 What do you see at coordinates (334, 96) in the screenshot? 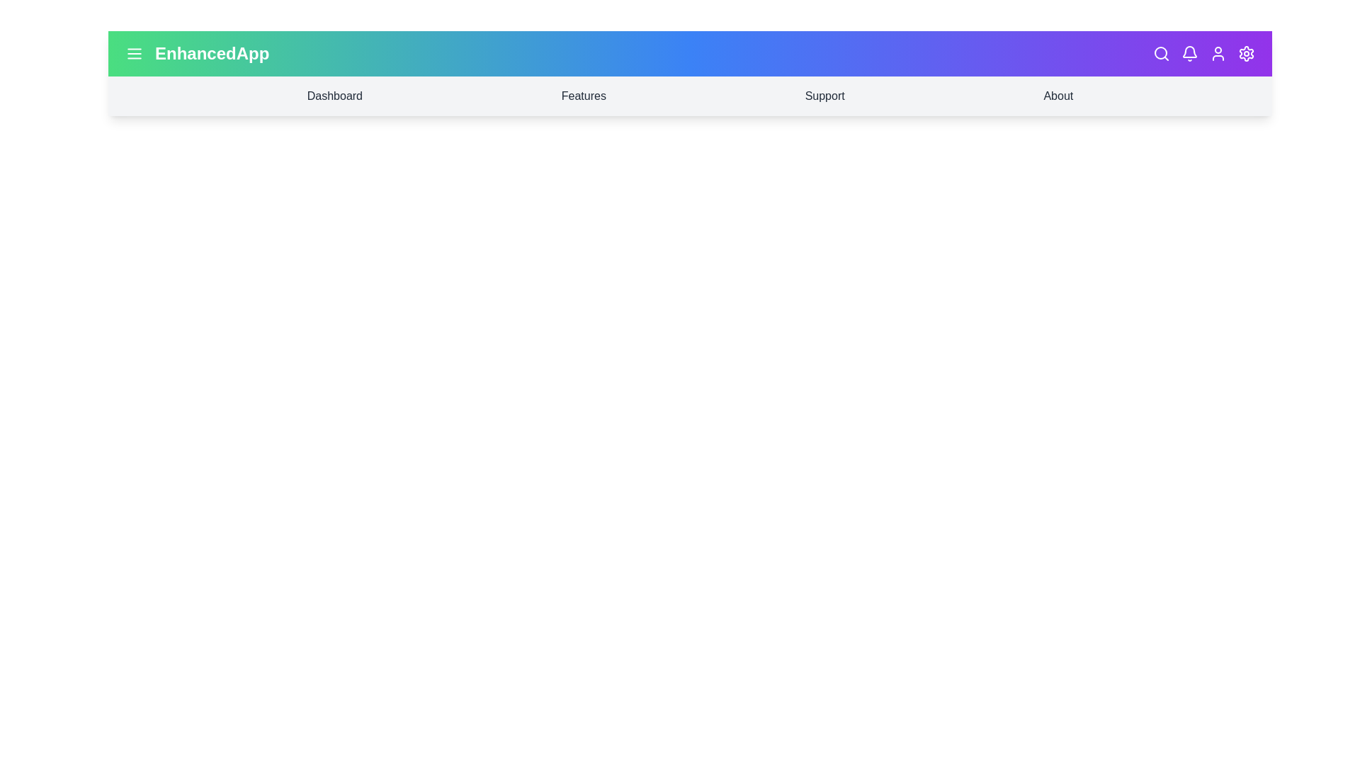
I see `the menu item labeled Dashboard to navigate to the corresponding section` at bounding box center [334, 96].